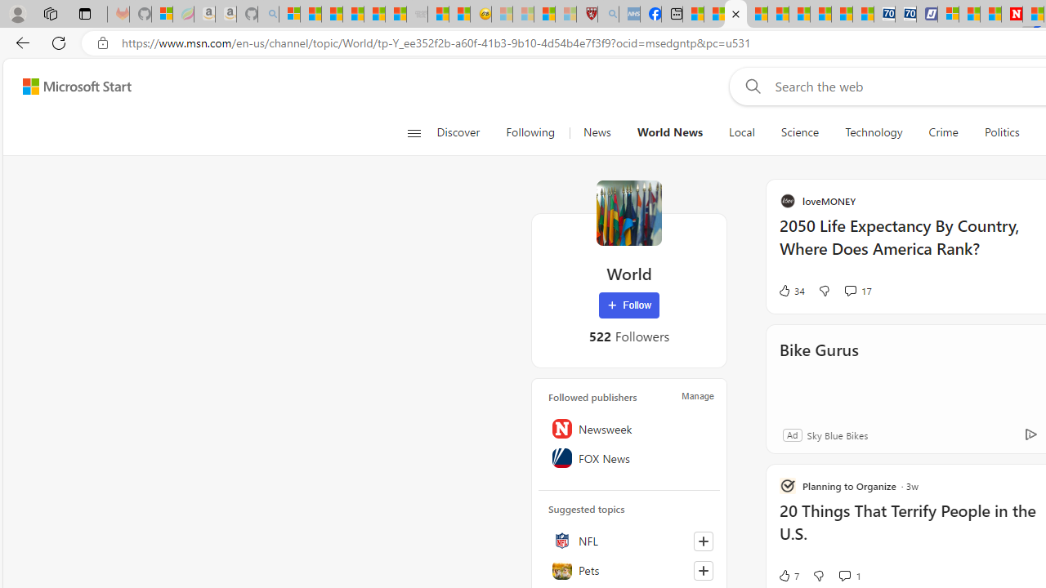 This screenshot has width=1046, height=588. Describe the element at coordinates (331, 14) in the screenshot. I see `'The Weather Channel - MSN'` at that location.